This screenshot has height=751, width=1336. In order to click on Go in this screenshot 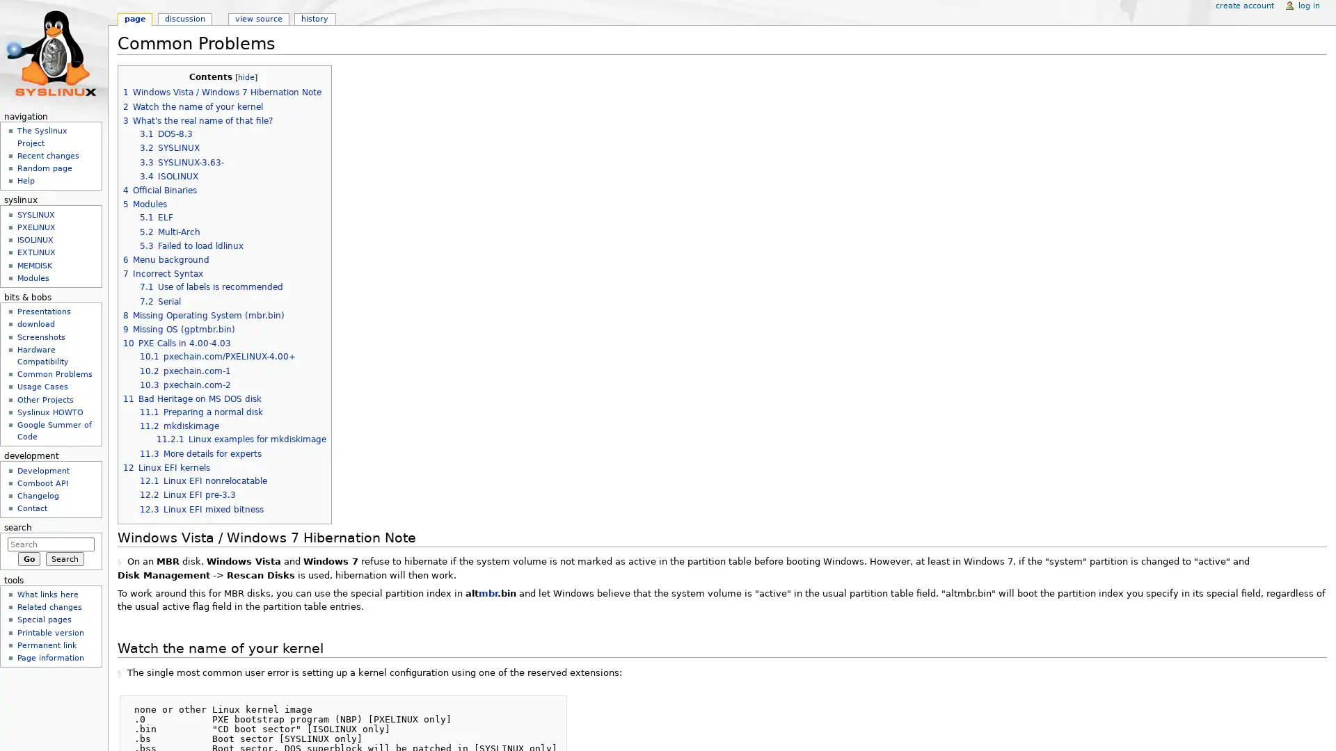, I will do `click(29, 558)`.